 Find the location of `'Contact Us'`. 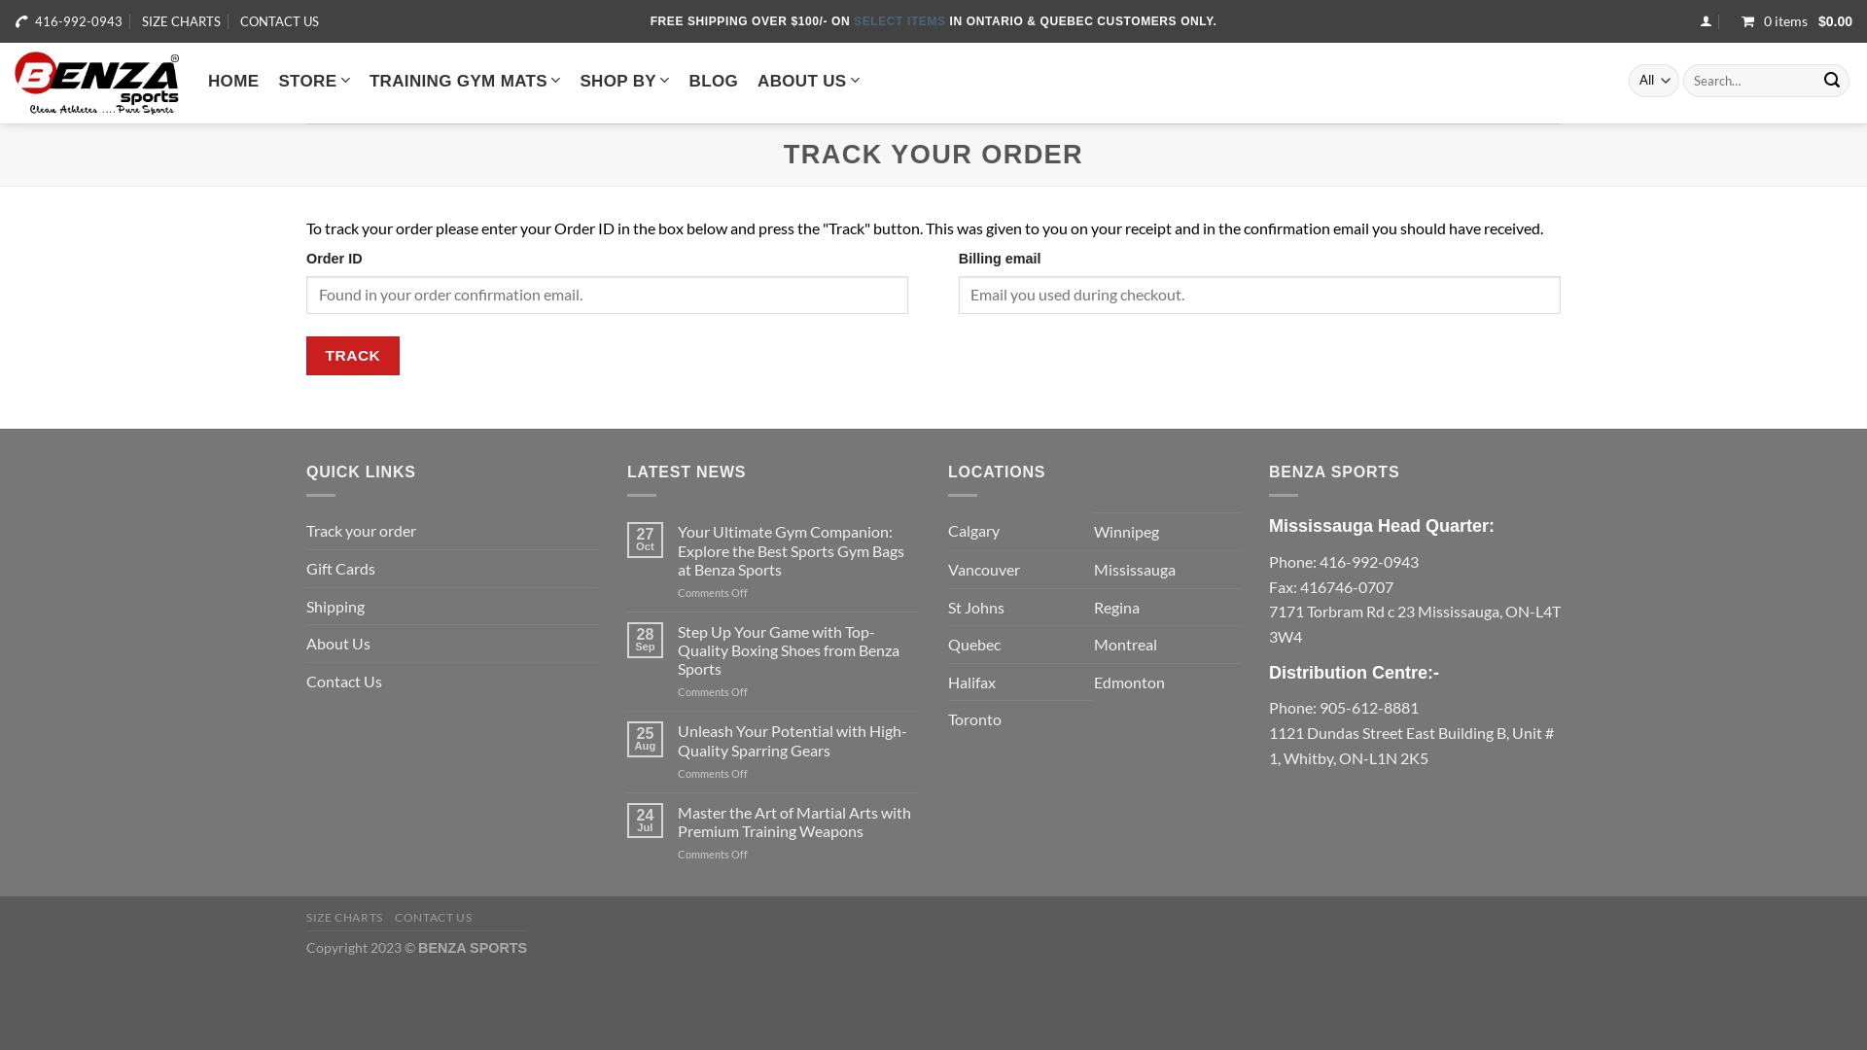

'Contact Us' is located at coordinates (344, 681).